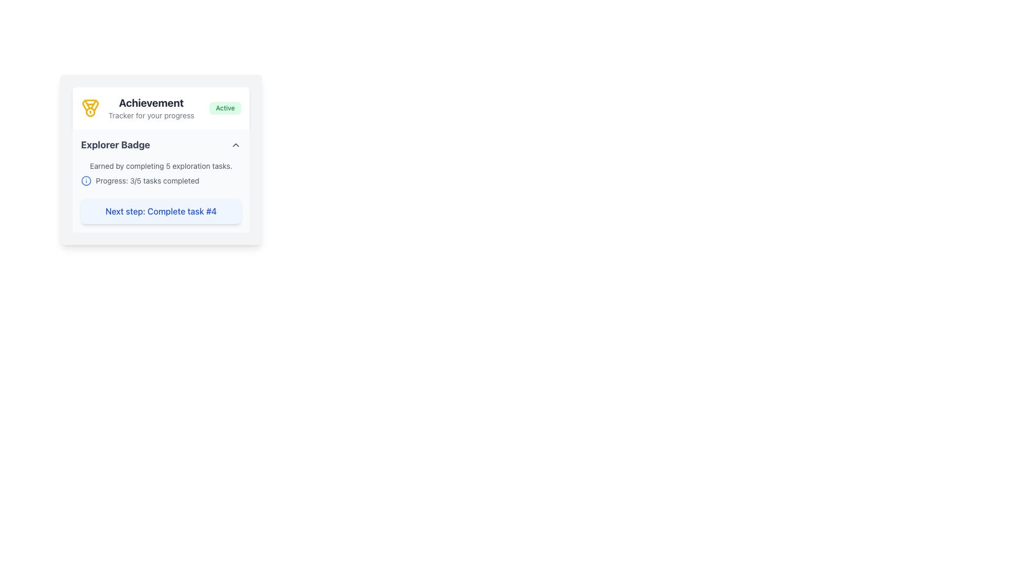 Image resolution: width=1011 pixels, height=568 pixels. What do you see at coordinates (161, 211) in the screenshot?
I see `the informational Text Display Box located at the bottom of the 'Explorer Badge' section, which indicates the next task to be completed` at bounding box center [161, 211].